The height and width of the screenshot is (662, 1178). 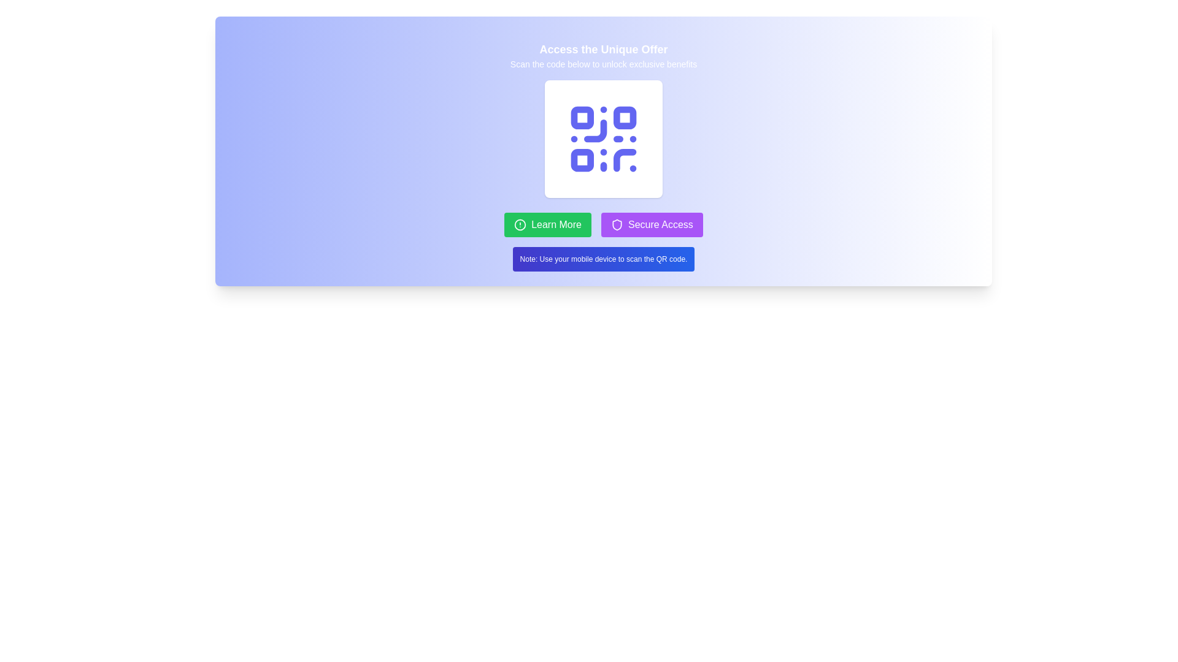 I want to click on the QR code placeholder, which is a centered graphic in a rounded white square box with shadowing, located below the offer text and above the buttons, so click(x=603, y=139).